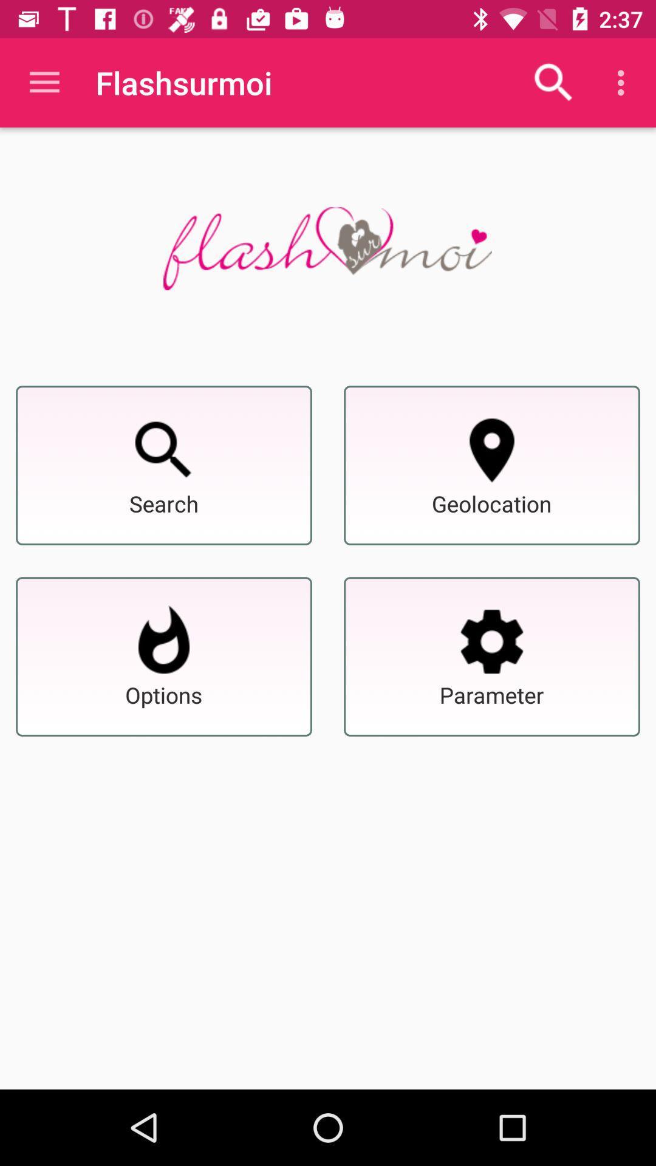 This screenshot has height=1166, width=656. I want to click on the icon which is just below the time, so click(624, 83).